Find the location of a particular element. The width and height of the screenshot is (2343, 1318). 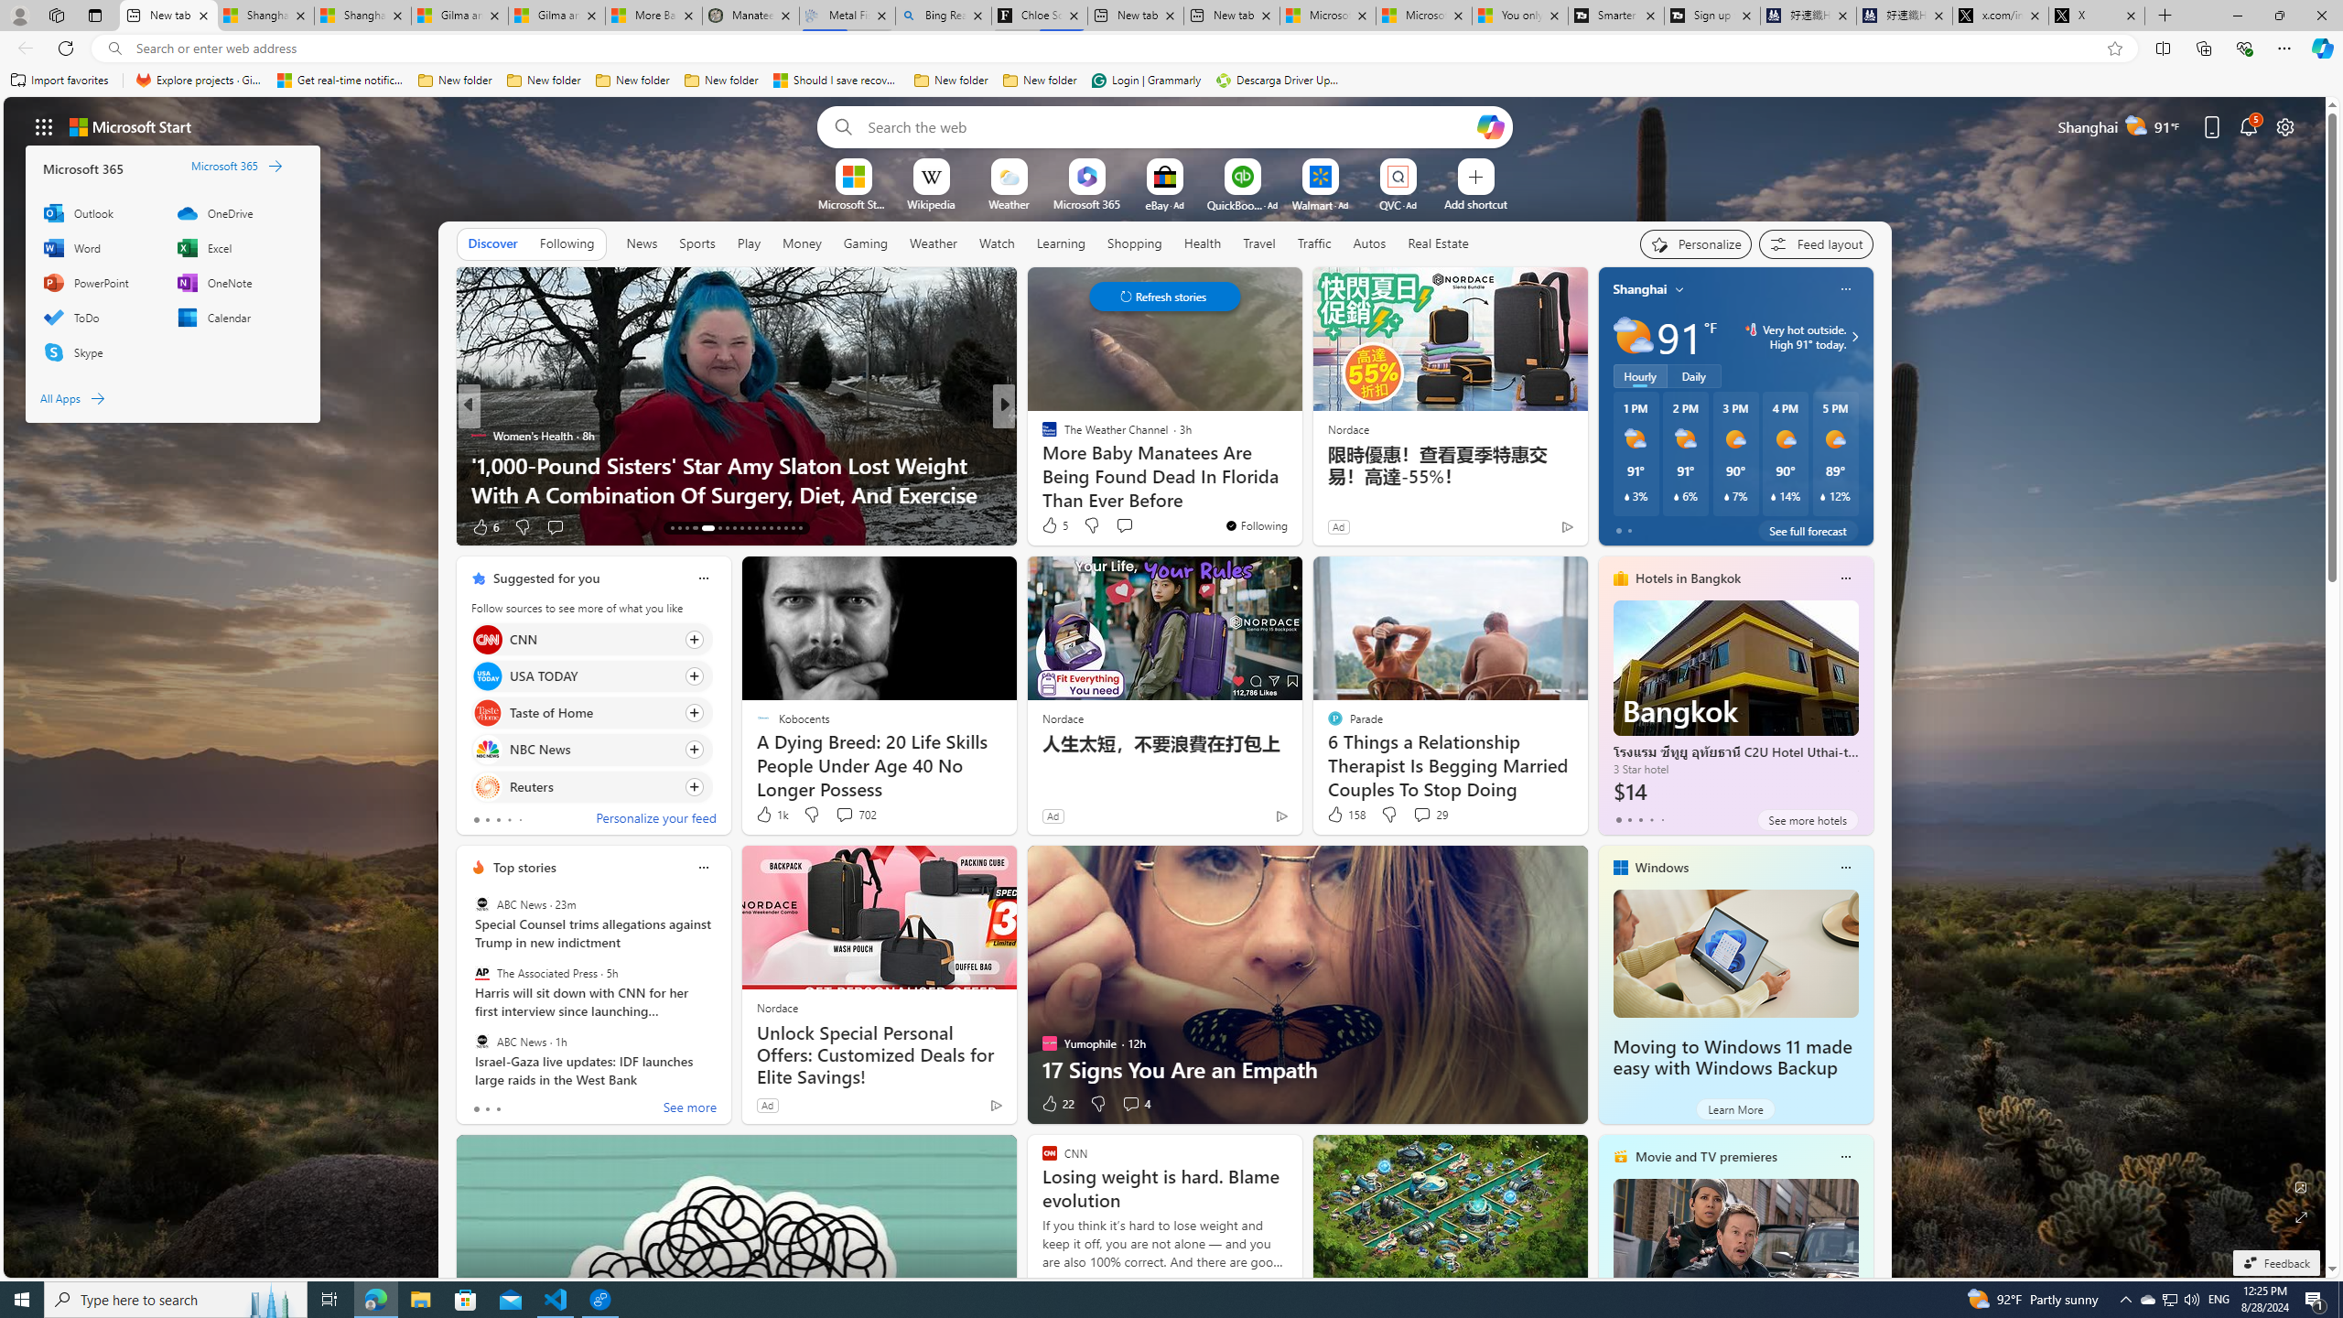

'OneNote' is located at coordinates (234, 281).